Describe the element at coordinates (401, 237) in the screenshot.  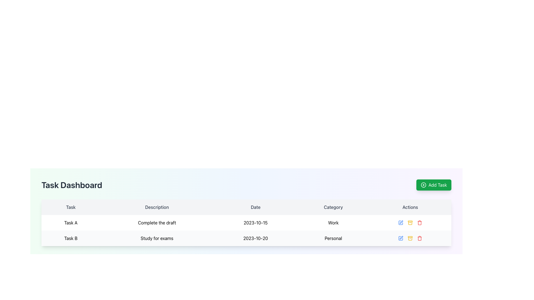
I see `the edit button located in the 'Actions' column of the second row in the task table to initiate editing` at that location.